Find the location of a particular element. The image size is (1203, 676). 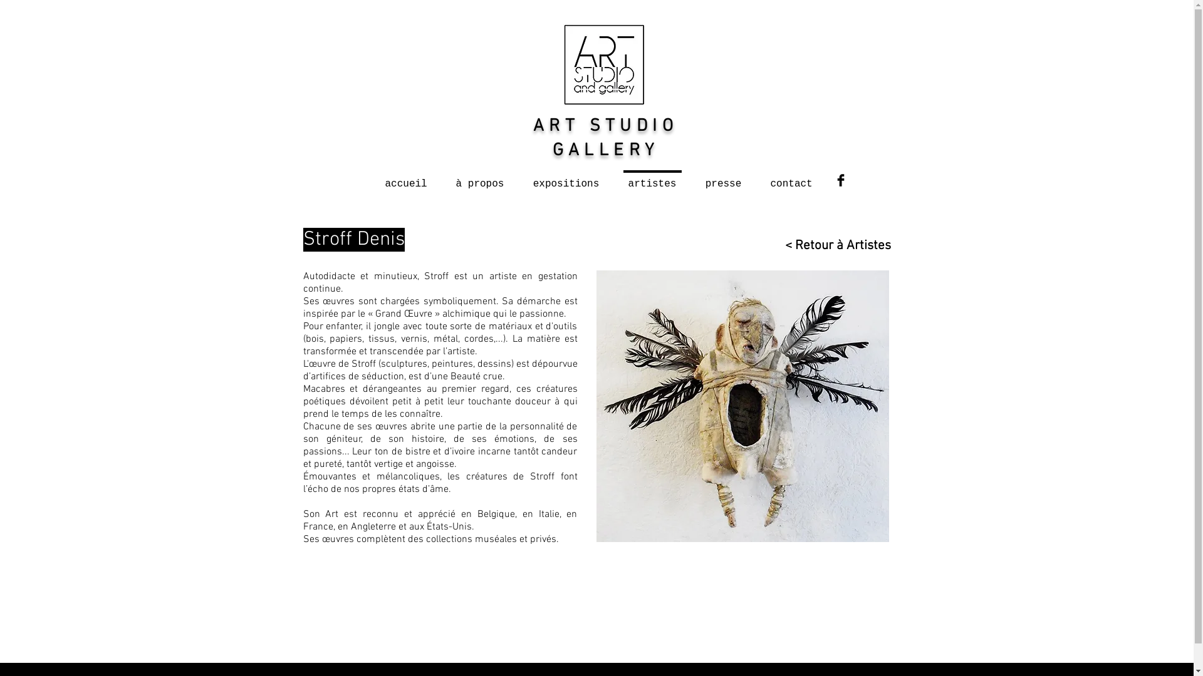

'expositions' is located at coordinates (565, 178).